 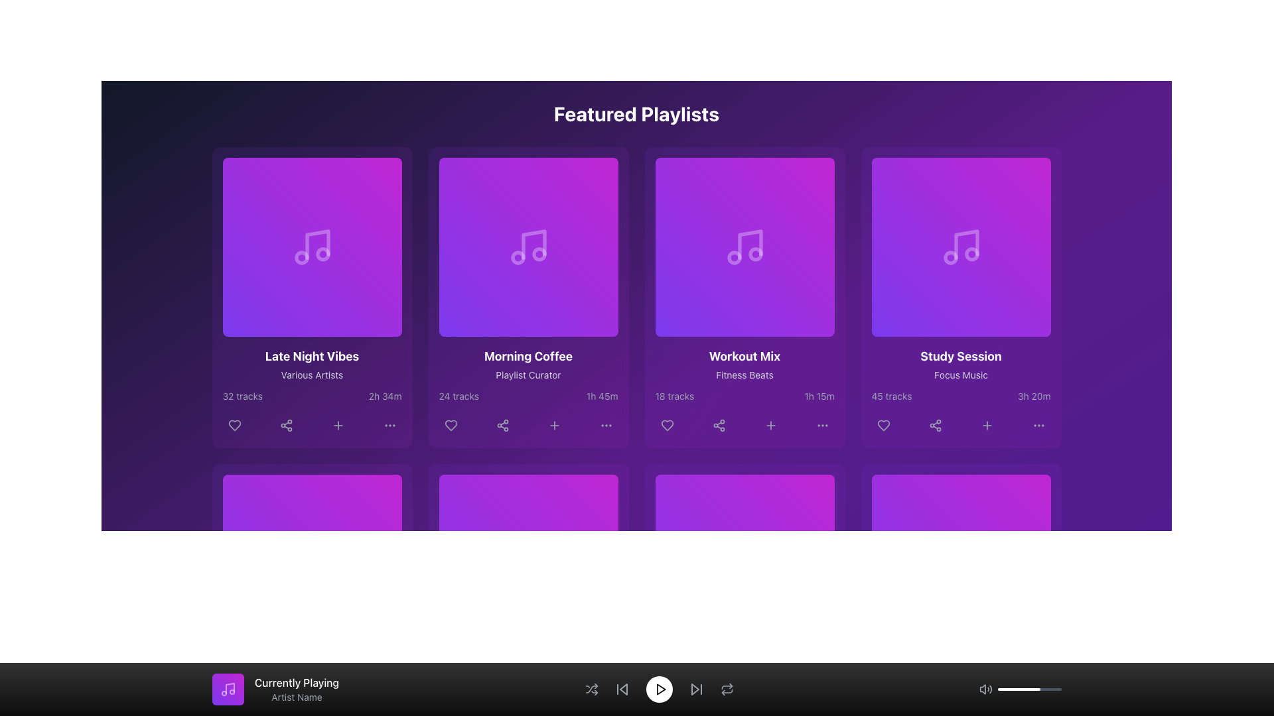 What do you see at coordinates (554, 425) in the screenshot?
I see `the circular '+' button styled in gray that turns white on hover, located as the third button beneath the 'Morning Coffee' playlist card` at bounding box center [554, 425].